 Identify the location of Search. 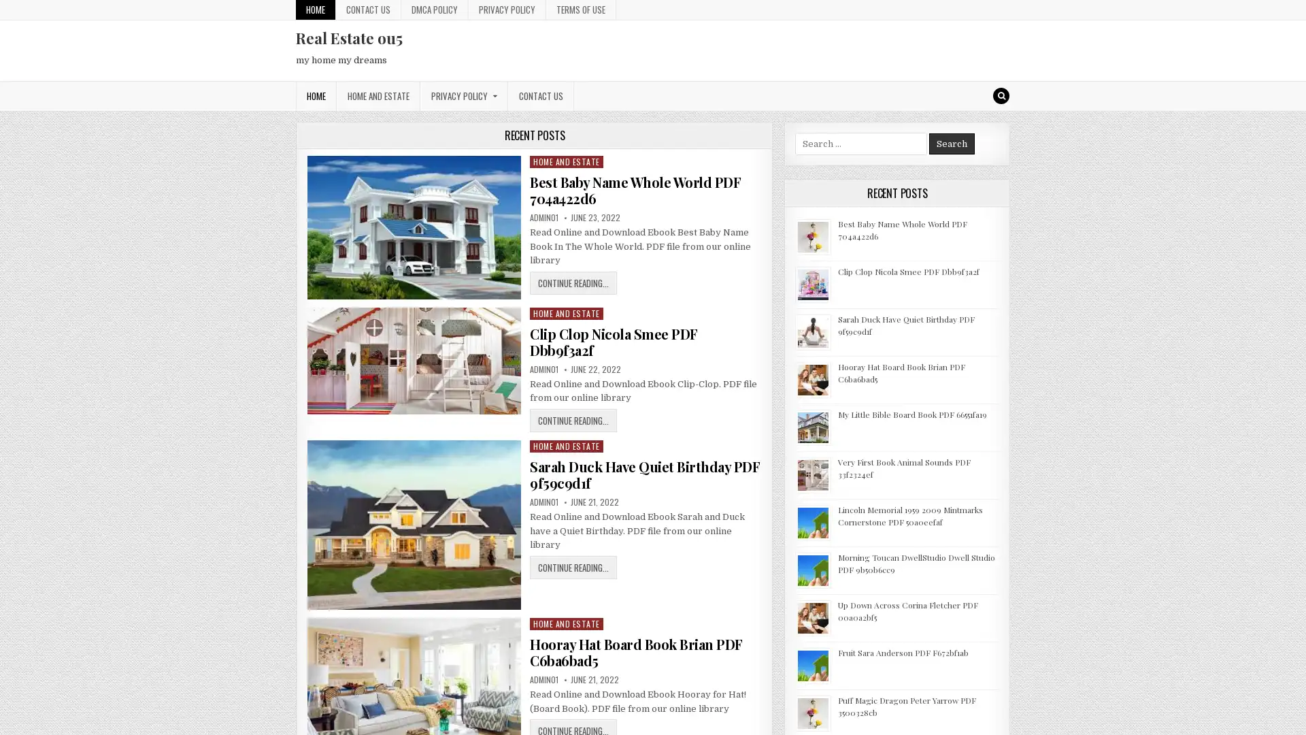
(951, 144).